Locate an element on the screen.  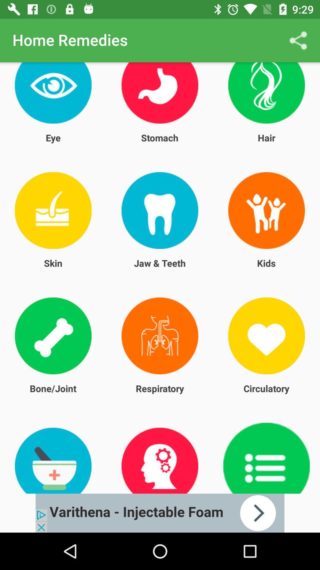
advertisement link banner is located at coordinates (160, 513).